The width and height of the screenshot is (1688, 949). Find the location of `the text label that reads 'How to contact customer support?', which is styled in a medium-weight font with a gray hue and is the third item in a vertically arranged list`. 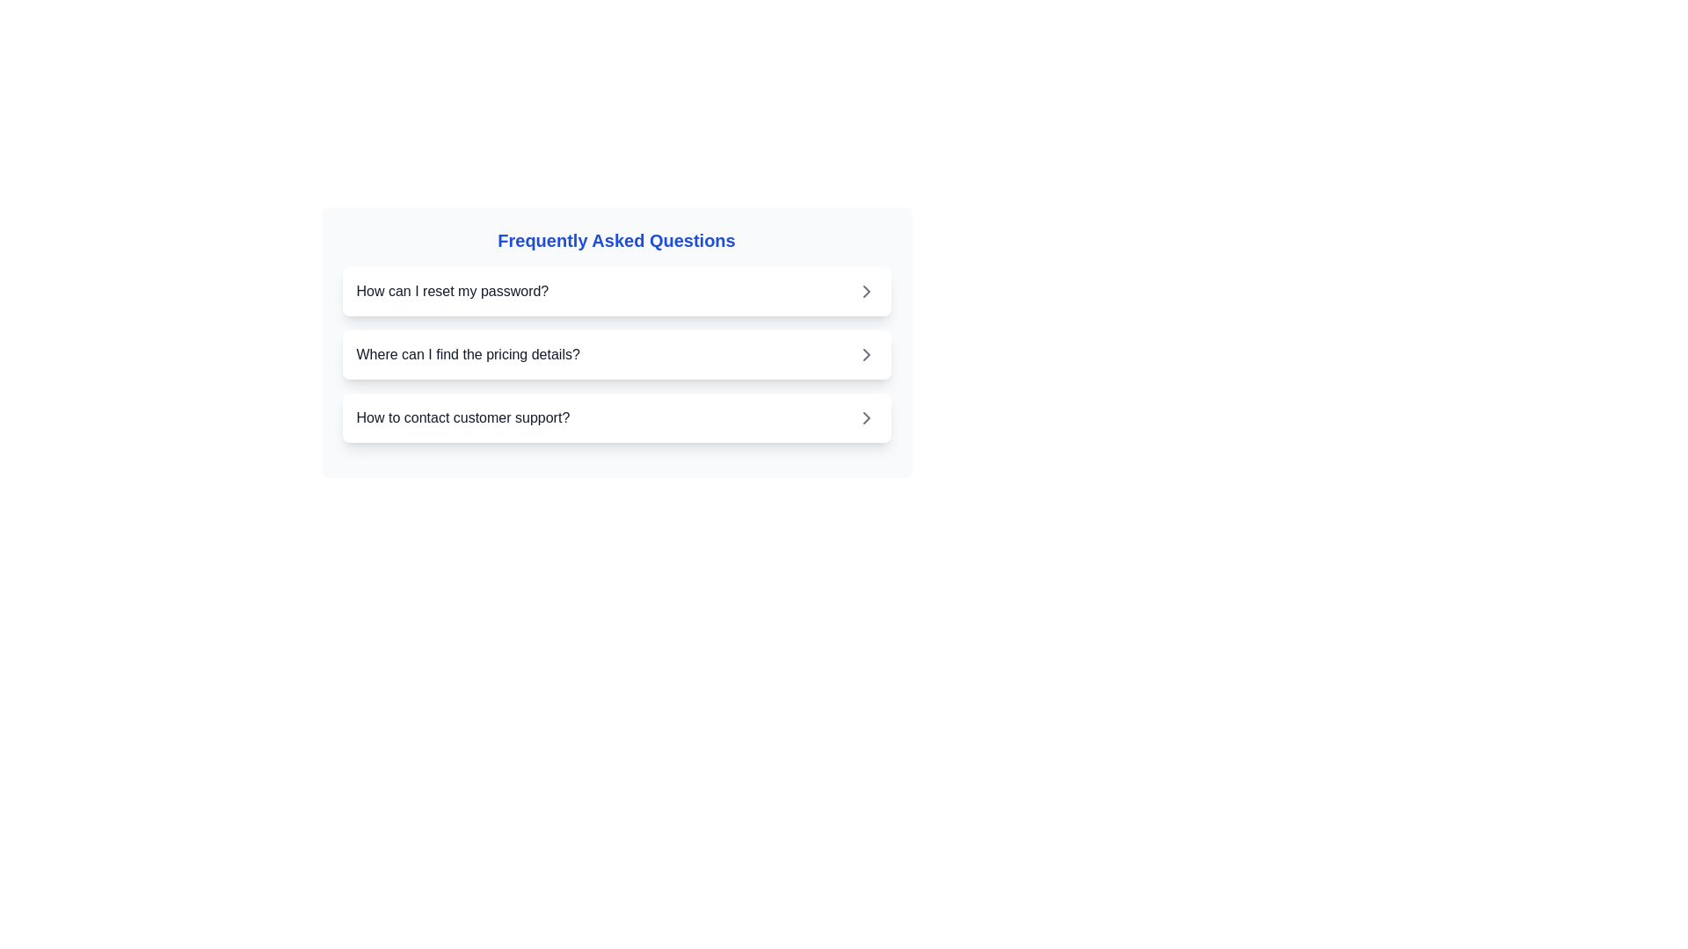

the text label that reads 'How to contact customer support?', which is styled in a medium-weight font with a gray hue and is the third item in a vertically arranged list is located at coordinates (462, 417).